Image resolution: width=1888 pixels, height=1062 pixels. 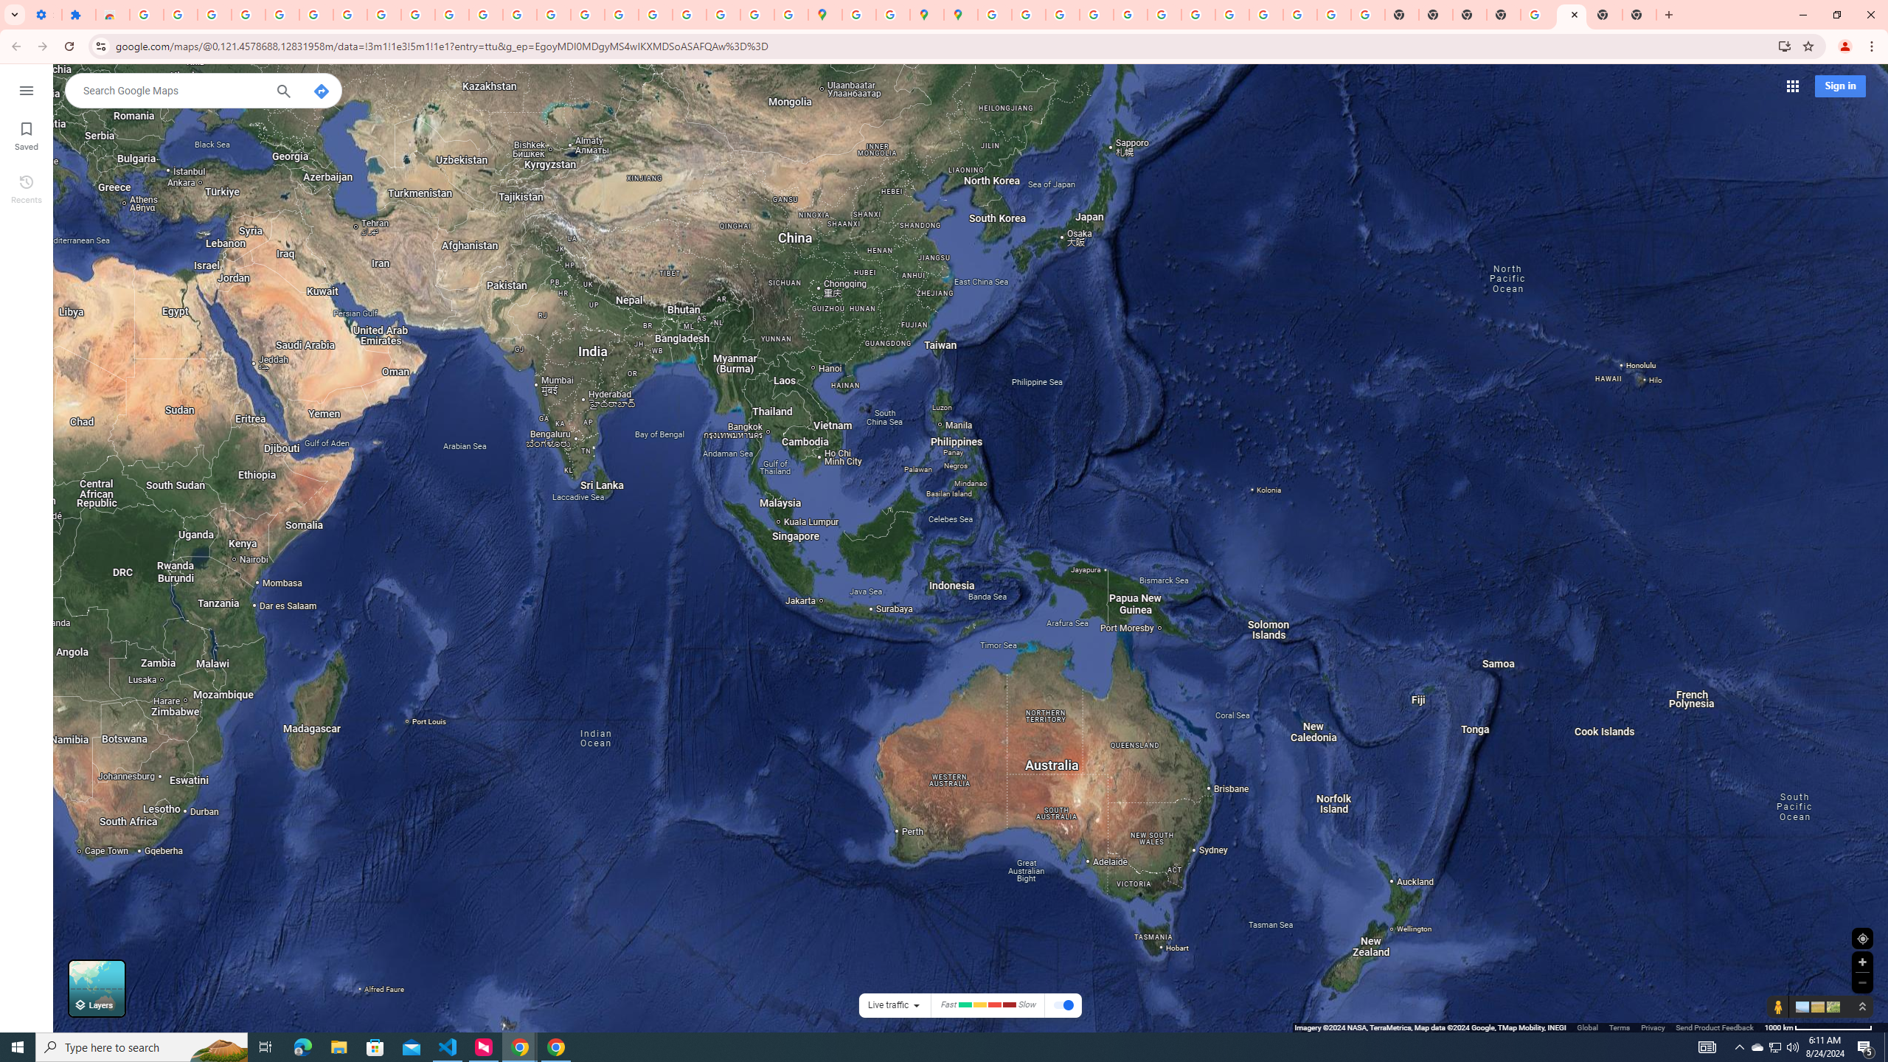 What do you see at coordinates (25, 88) in the screenshot?
I see `'Menu'` at bounding box center [25, 88].